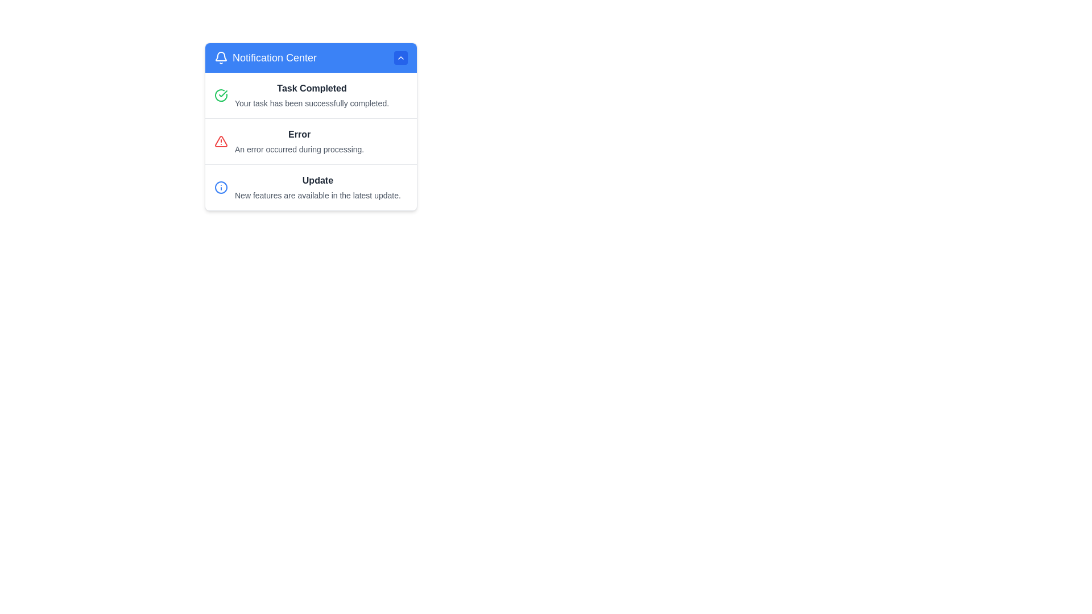 The width and height of the screenshot is (1092, 614). What do you see at coordinates (311, 95) in the screenshot?
I see `the Notification Item that contains a green circle-check icon and the text 'Task Completed'` at bounding box center [311, 95].